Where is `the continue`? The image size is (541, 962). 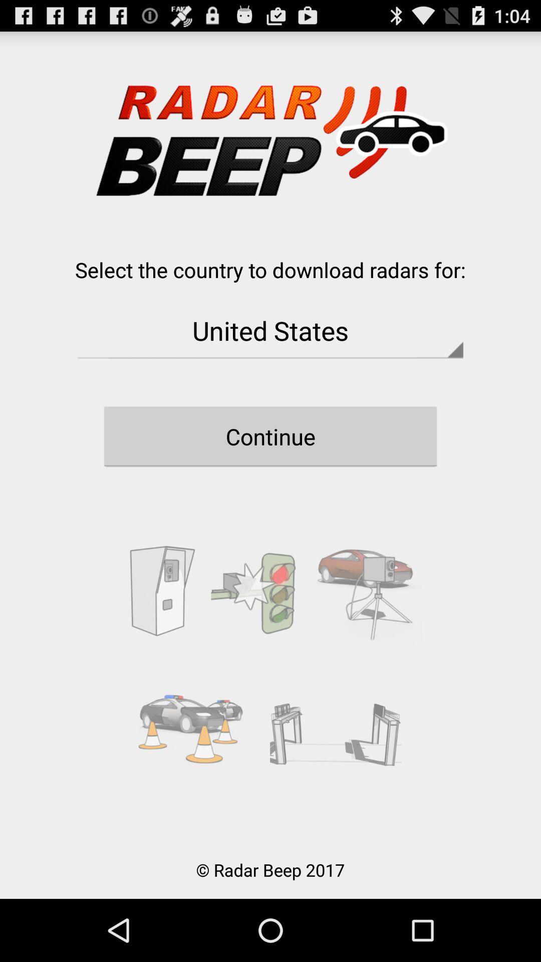
the continue is located at coordinates (270, 436).